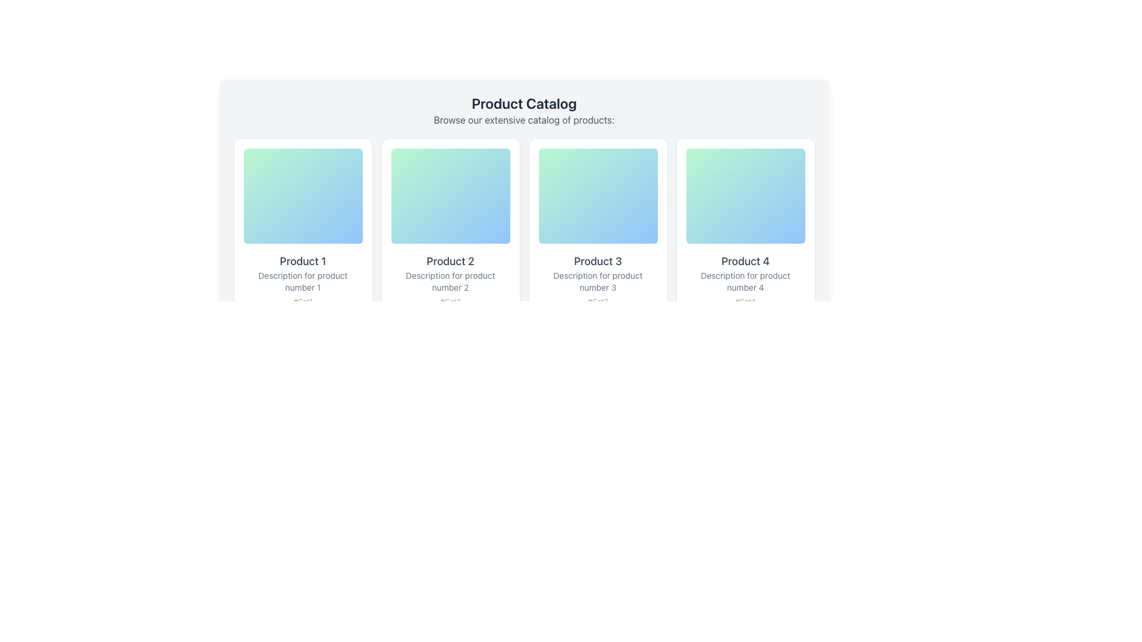  What do you see at coordinates (450, 196) in the screenshot?
I see `the decorative image placeholder located at the top of the 'Product 2' card, which enhances visual appeal or conveys product-related imagery` at bounding box center [450, 196].